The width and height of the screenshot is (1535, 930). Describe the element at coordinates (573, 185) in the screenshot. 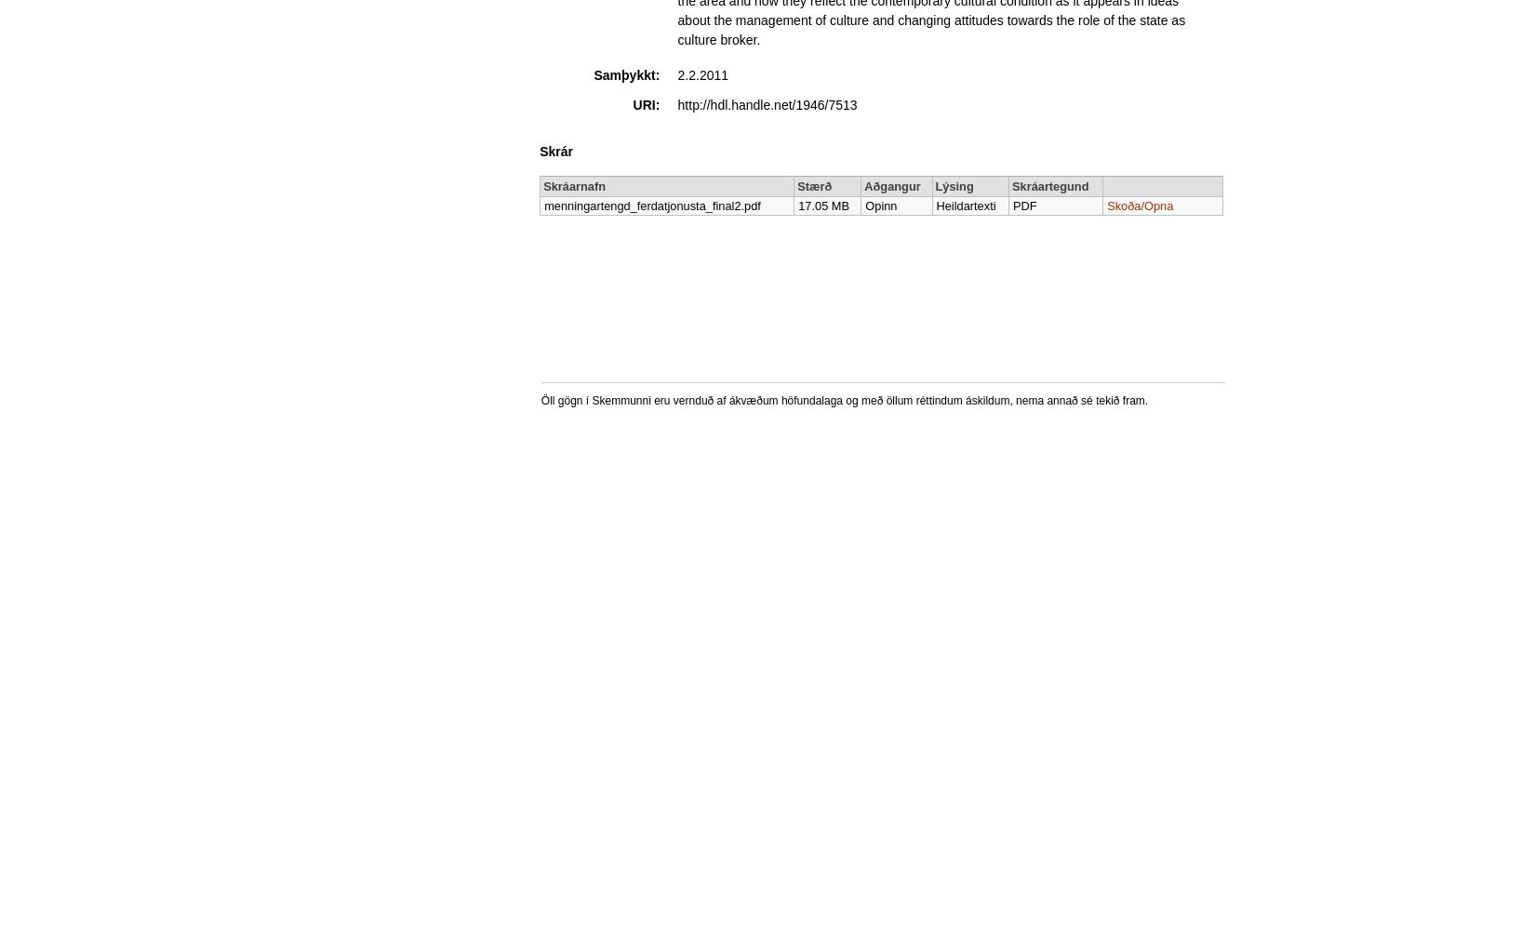

I see `'Skráarnafn'` at that location.